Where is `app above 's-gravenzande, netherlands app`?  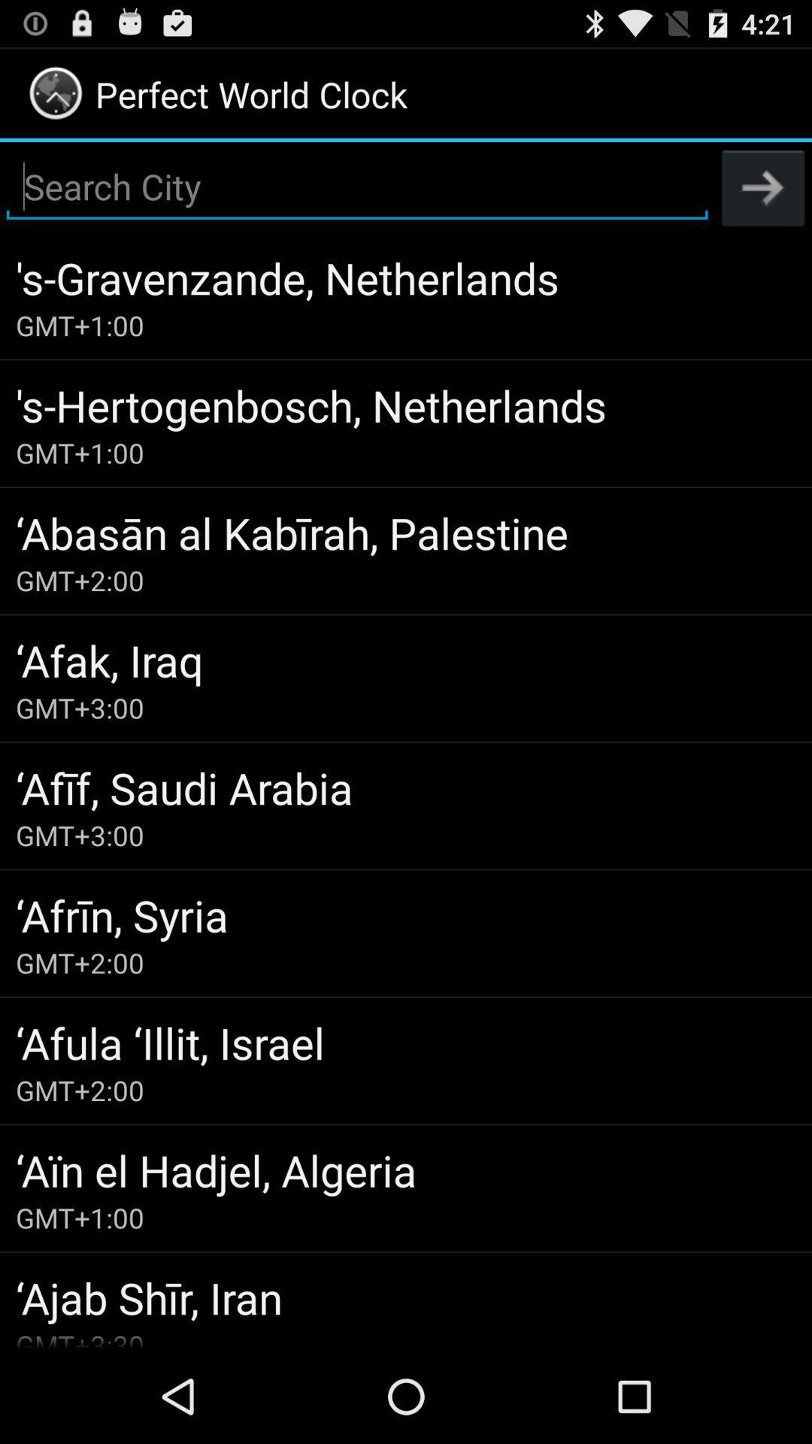
app above 's-gravenzande, netherlands app is located at coordinates (763, 187).